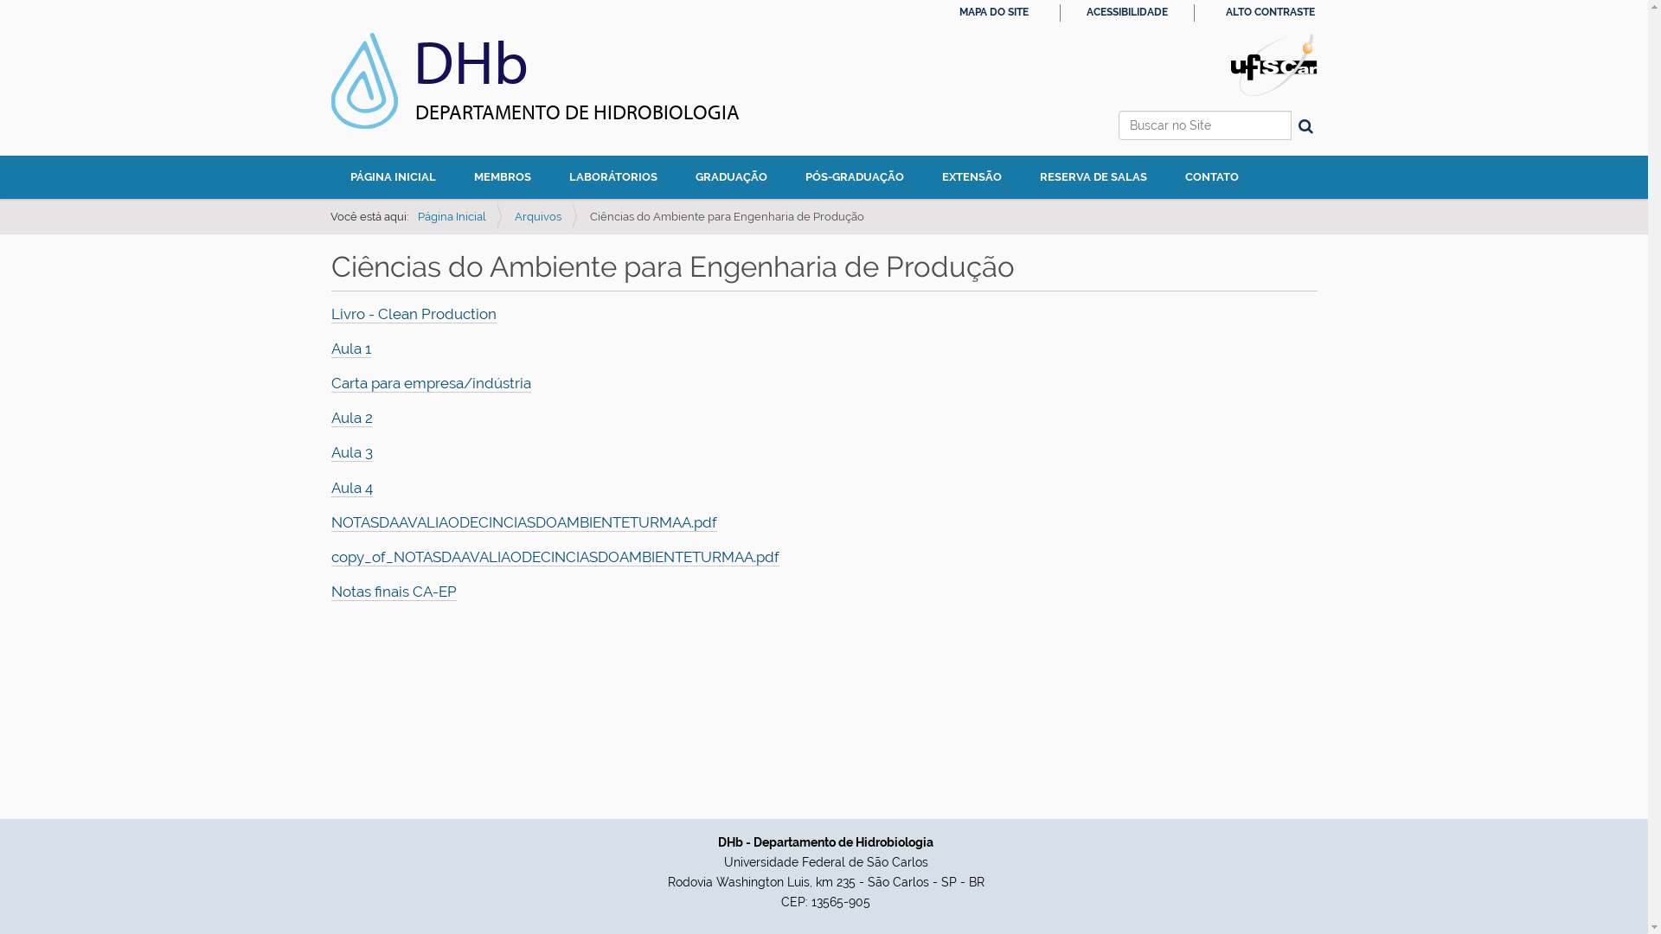  What do you see at coordinates (534, 93) in the screenshot?
I see `'DHb` at bounding box center [534, 93].